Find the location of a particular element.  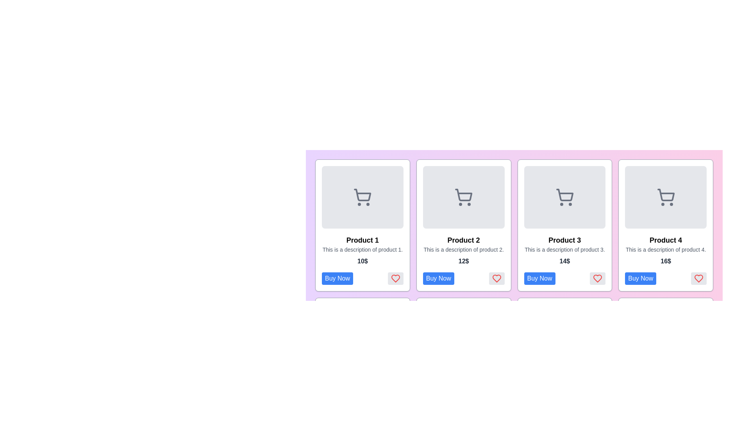

the Product card for 'Product 4' is located at coordinates (665, 225).